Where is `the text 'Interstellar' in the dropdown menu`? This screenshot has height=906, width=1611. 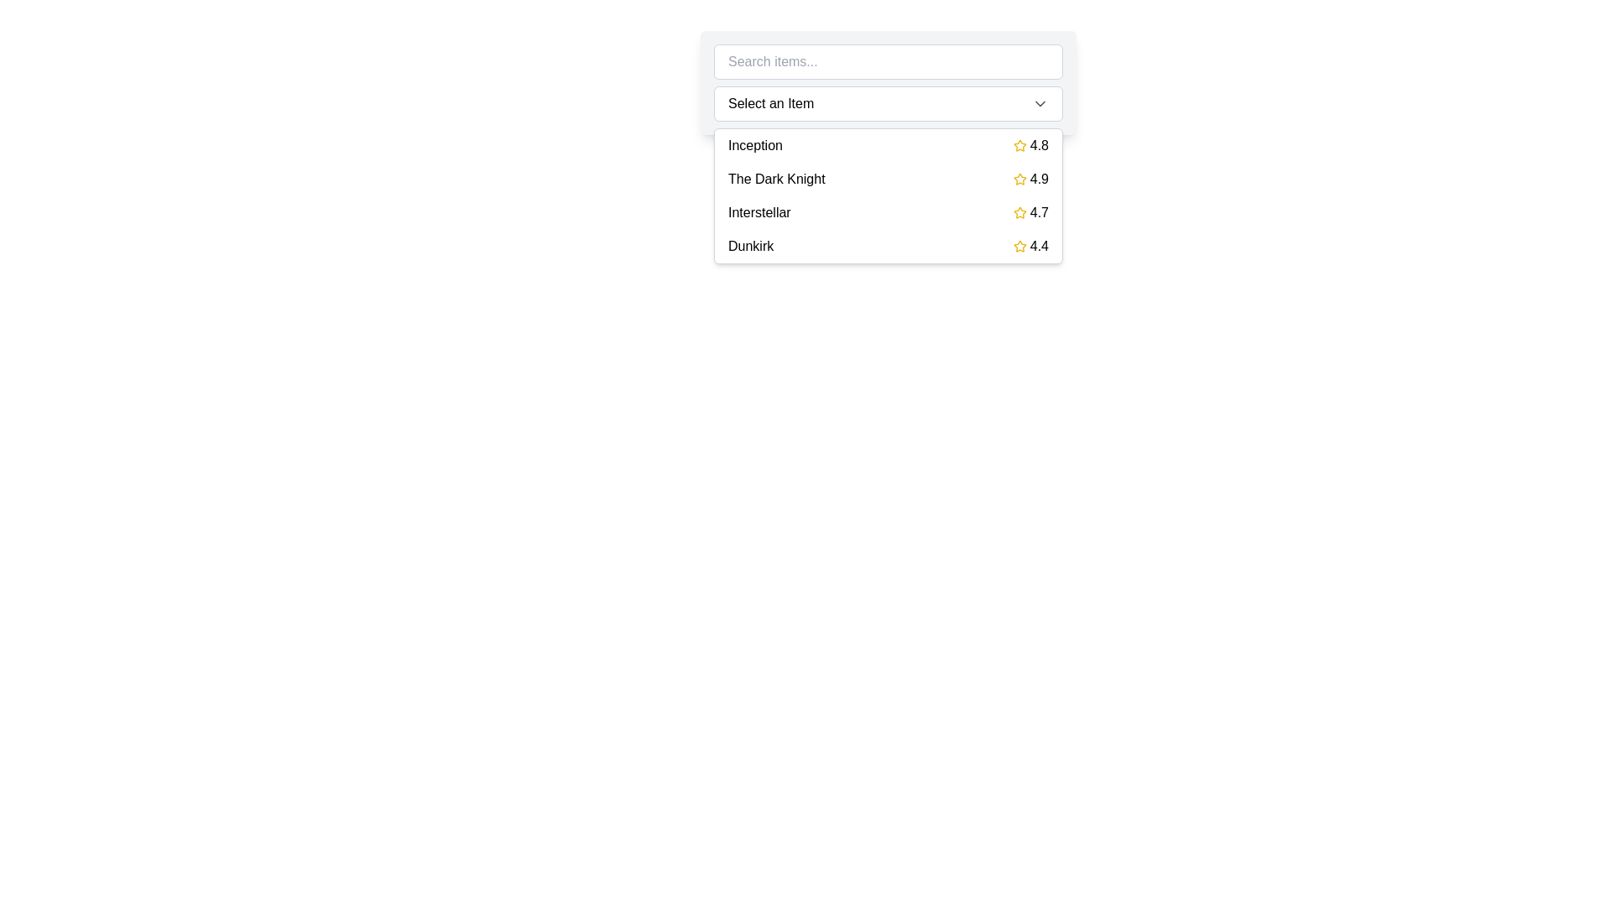
the text 'Interstellar' in the dropdown menu is located at coordinates (759, 212).